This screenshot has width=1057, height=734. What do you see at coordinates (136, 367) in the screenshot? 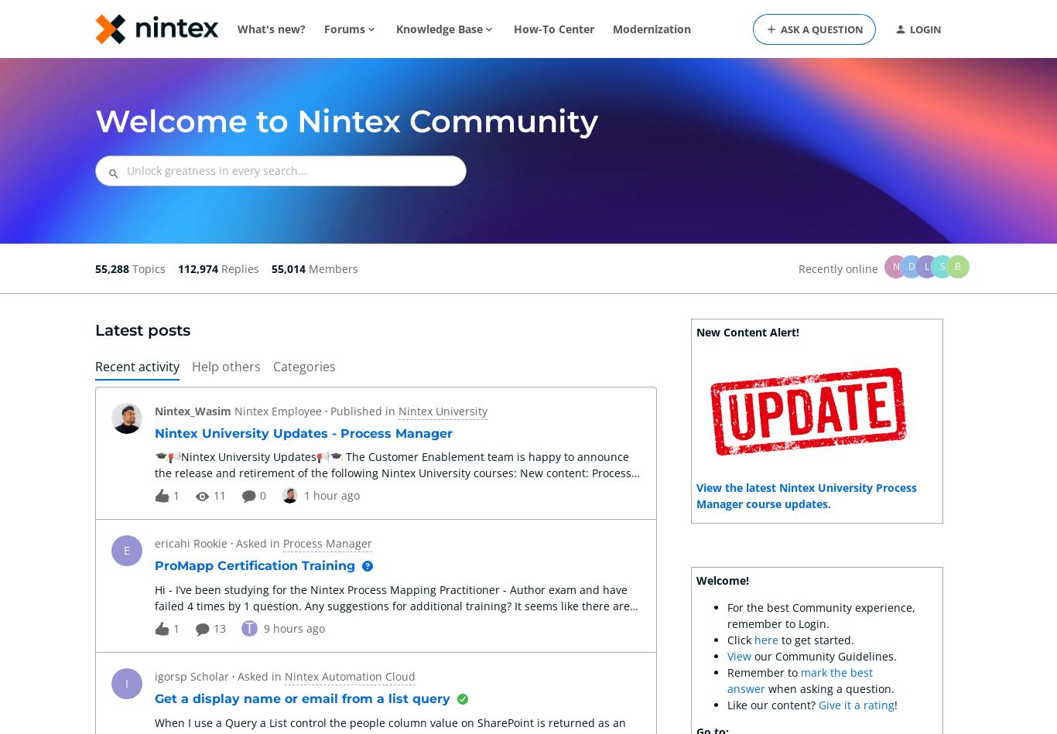
I see `'Recent activity'` at bounding box center [136, 367].